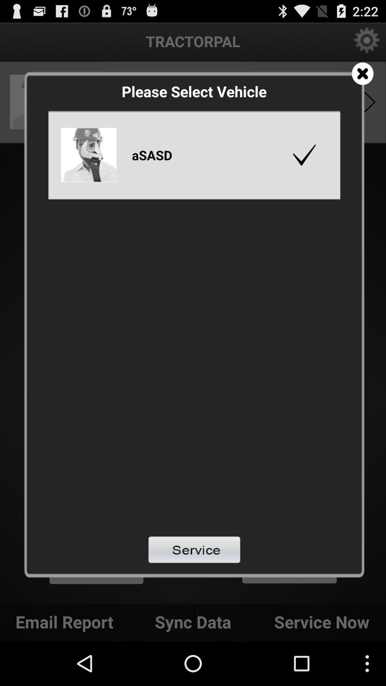  What do you see at coordinates (362, 74) in the screenshot?
I see `screen` at bounding box center [362, 74].